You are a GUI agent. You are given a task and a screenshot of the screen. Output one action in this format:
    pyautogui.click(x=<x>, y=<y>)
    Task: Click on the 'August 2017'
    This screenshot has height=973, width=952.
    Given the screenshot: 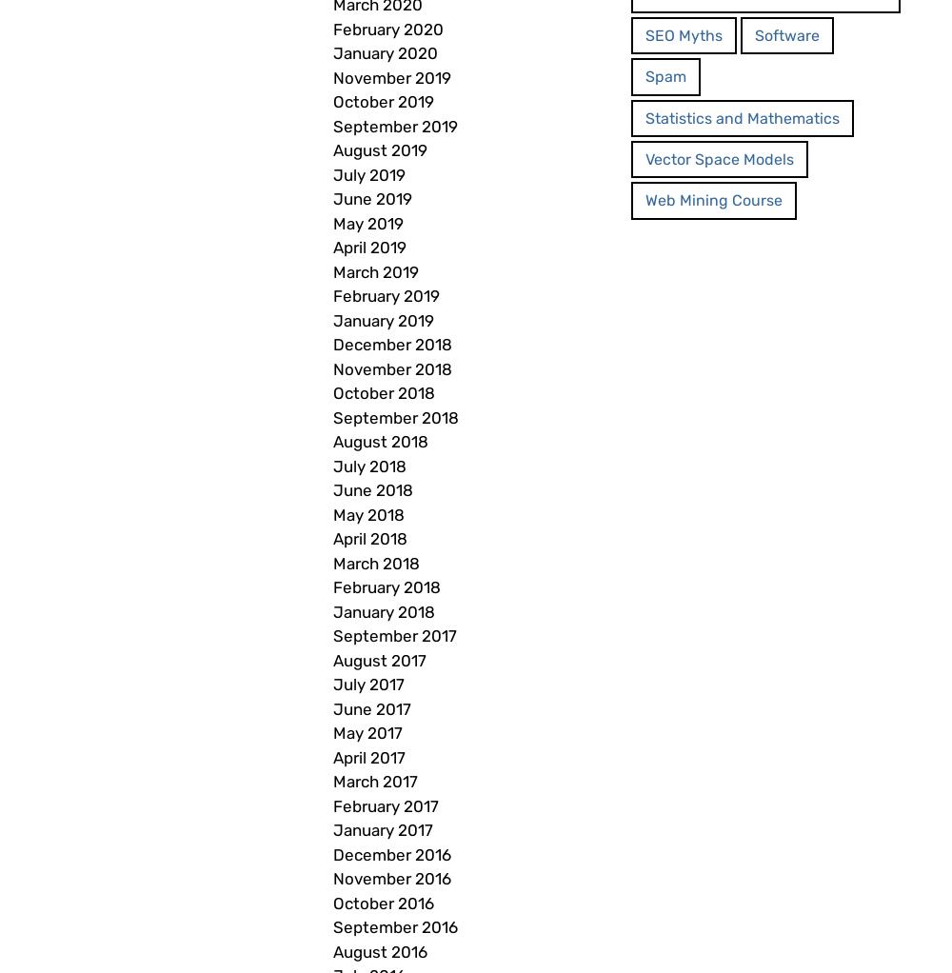 What is the action you would take?
    pyautogui.click(x=380, y=659)
    